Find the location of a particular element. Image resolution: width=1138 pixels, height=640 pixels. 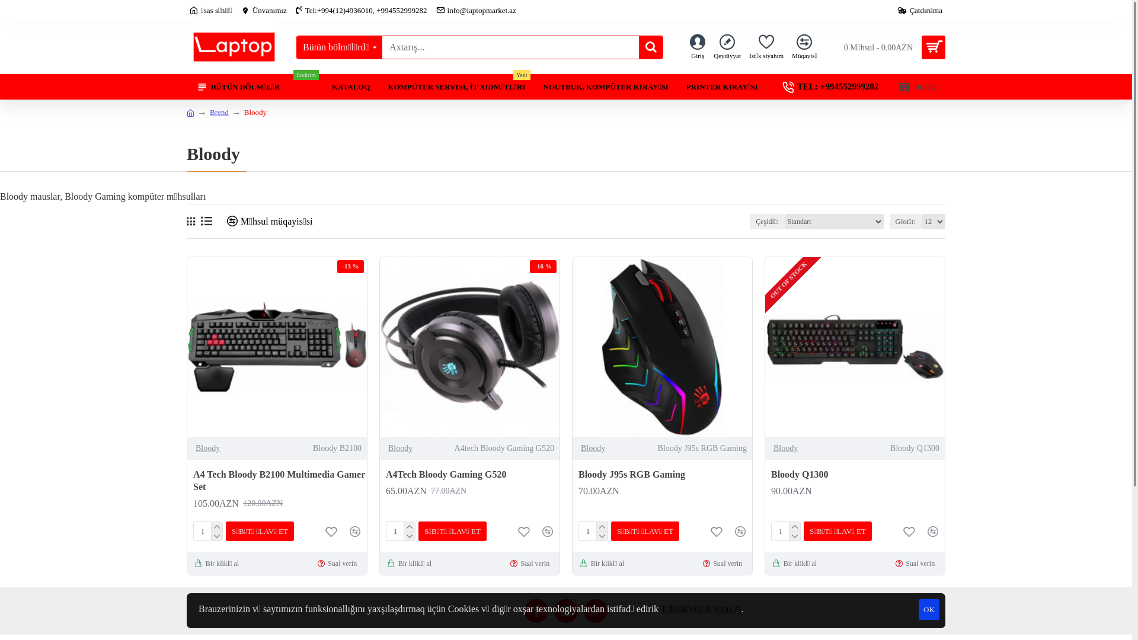

'Brend' is located at coordinates (210, 112).